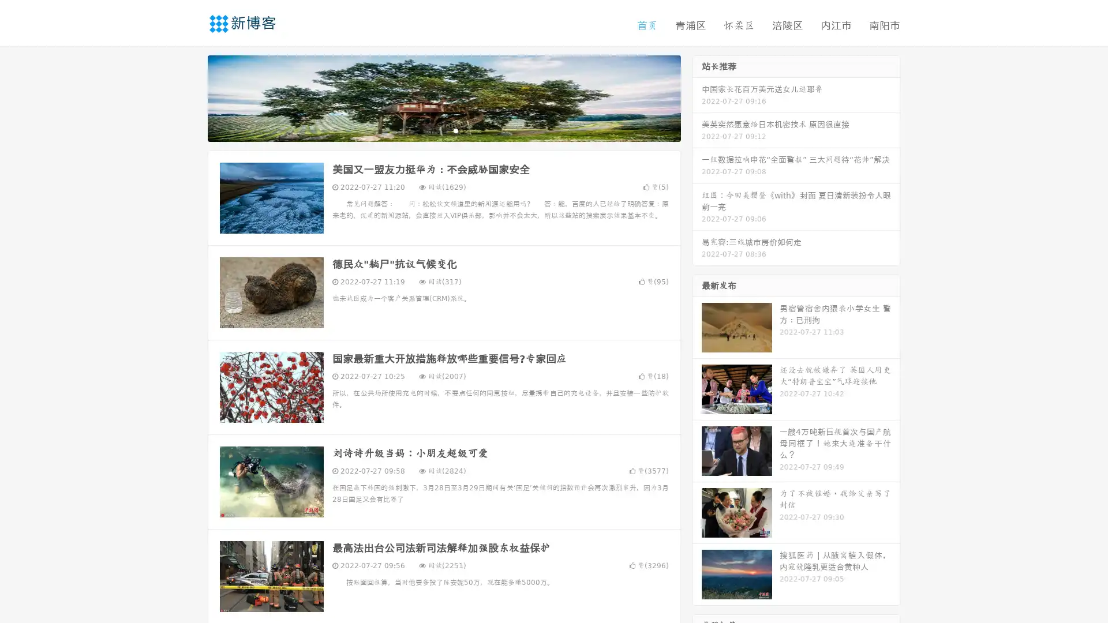  Describe the element at coordinates (455, 130) in the screenshot. I see `Go to slide 3` at that location.